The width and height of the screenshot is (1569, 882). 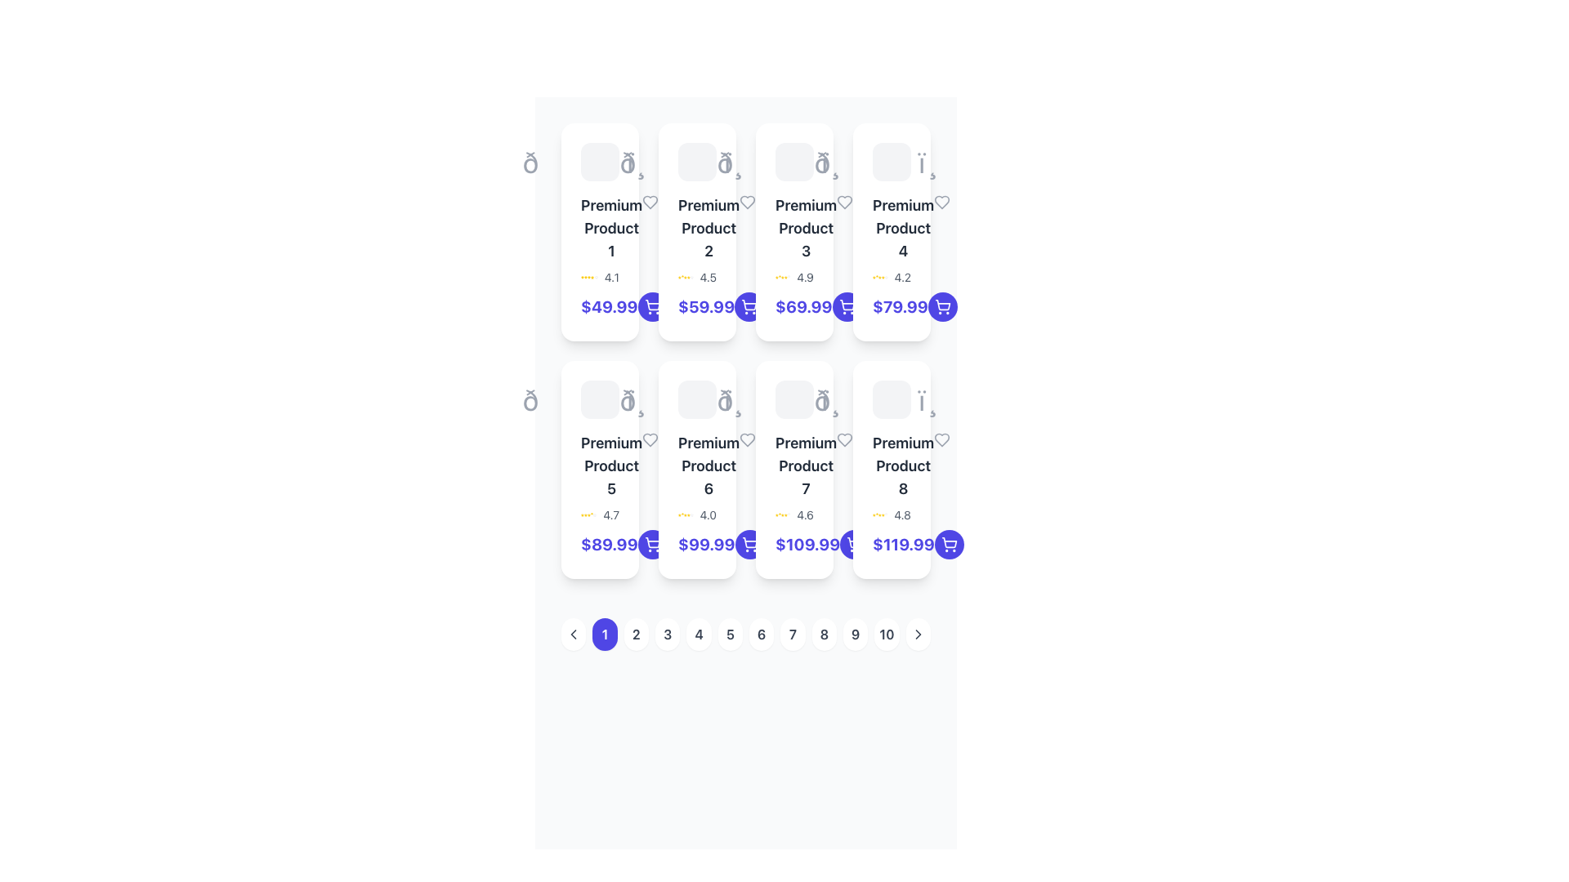 What do you see at coordinates (782, 276) in the screenshot?
I see `the fourth star icon in the rating system that indicates a favorite state, positioned next to the numerical value '4.9'` at bounding box center [782, 276].